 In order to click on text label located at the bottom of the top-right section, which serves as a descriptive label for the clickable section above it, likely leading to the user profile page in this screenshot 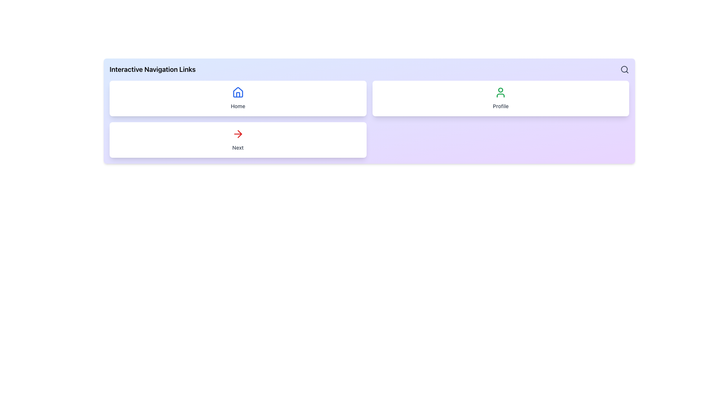, I will do `click(501, 106)`.